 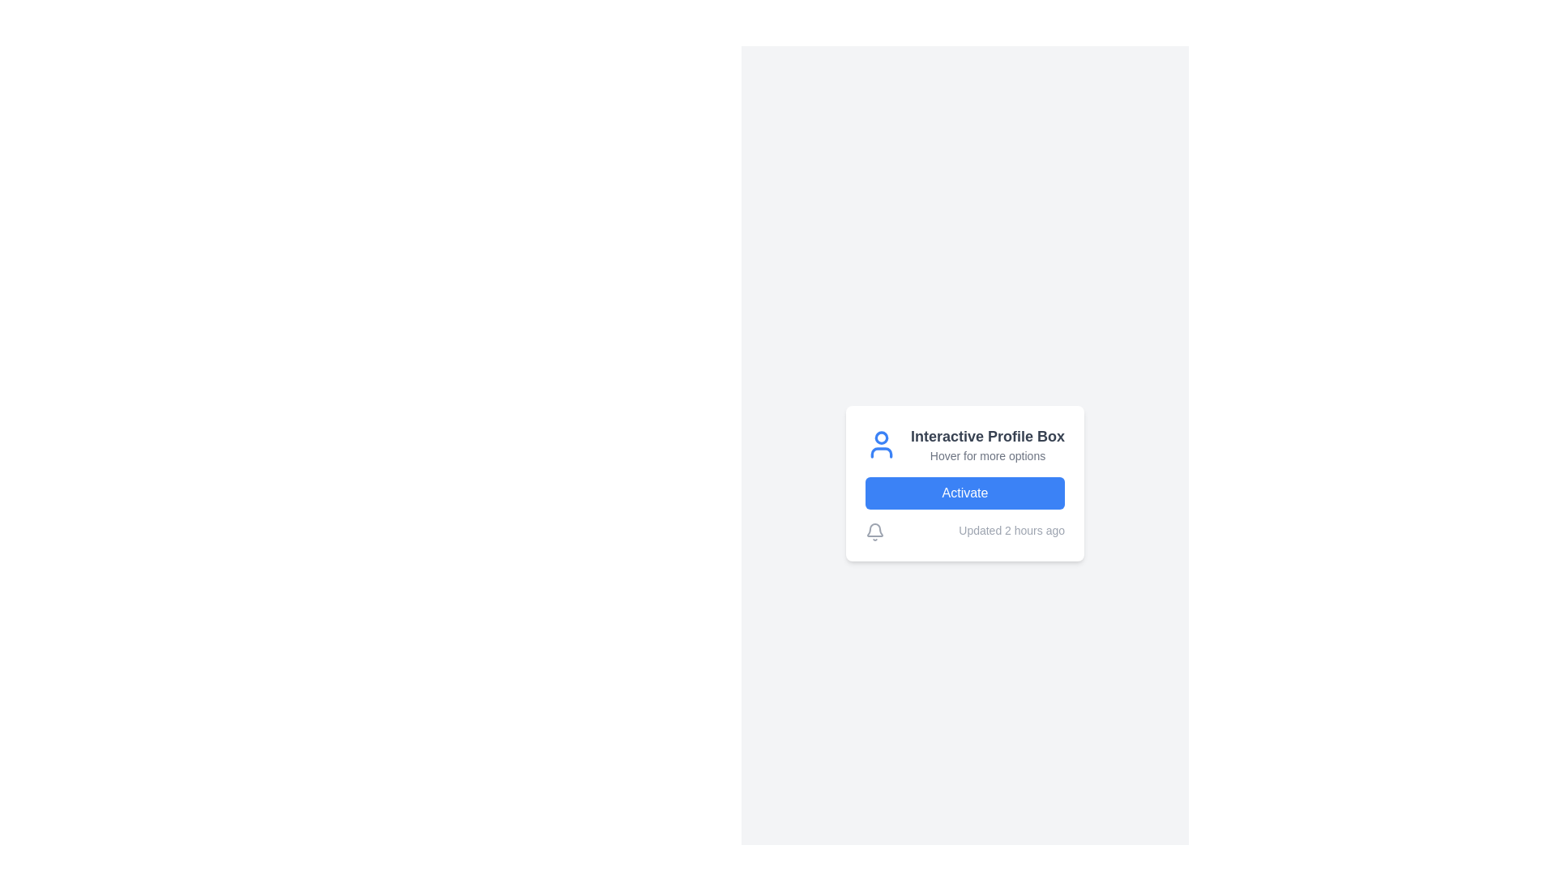 What do you see at coordinates (964, 444) in the screenshot?
I see `the Profile Box located at the top part of the card layout, which is centered horizontally and above the 'Activate' button` at bounding box center [964, 444].